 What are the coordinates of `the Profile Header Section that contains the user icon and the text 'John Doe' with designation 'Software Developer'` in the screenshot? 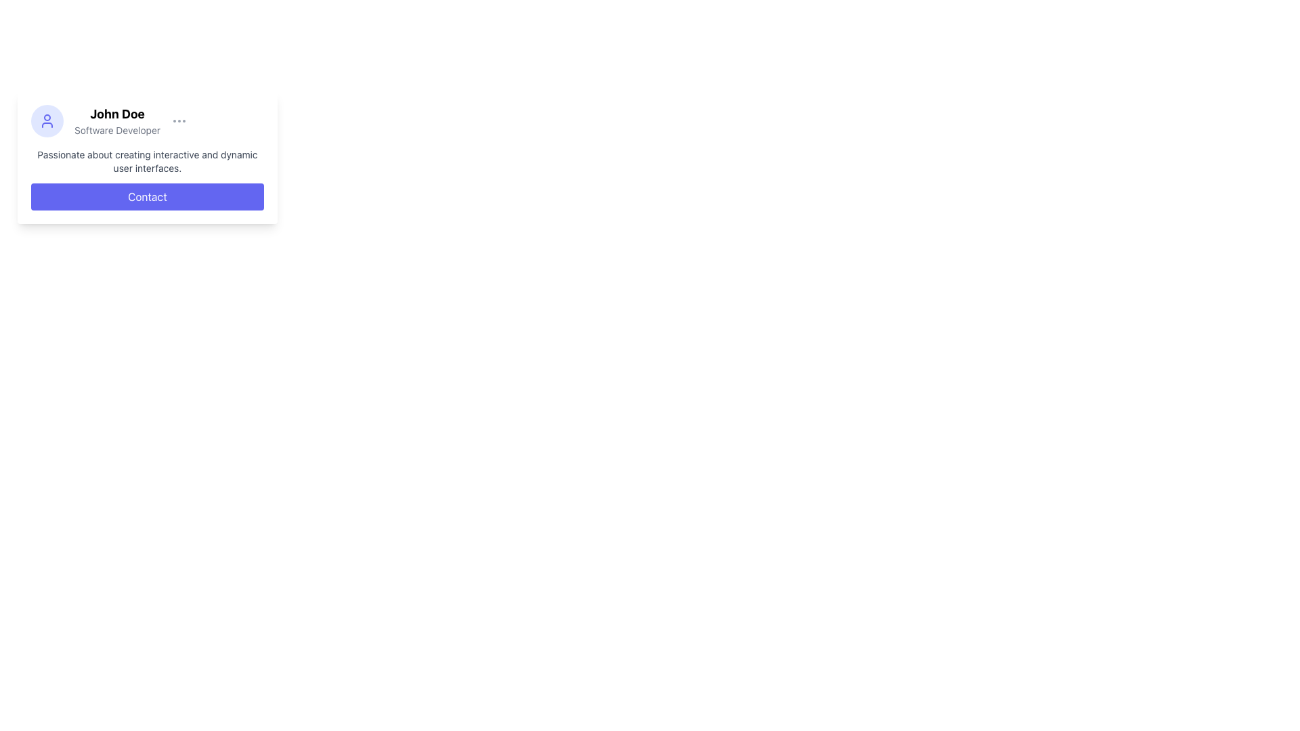 It's located at (147, 120).